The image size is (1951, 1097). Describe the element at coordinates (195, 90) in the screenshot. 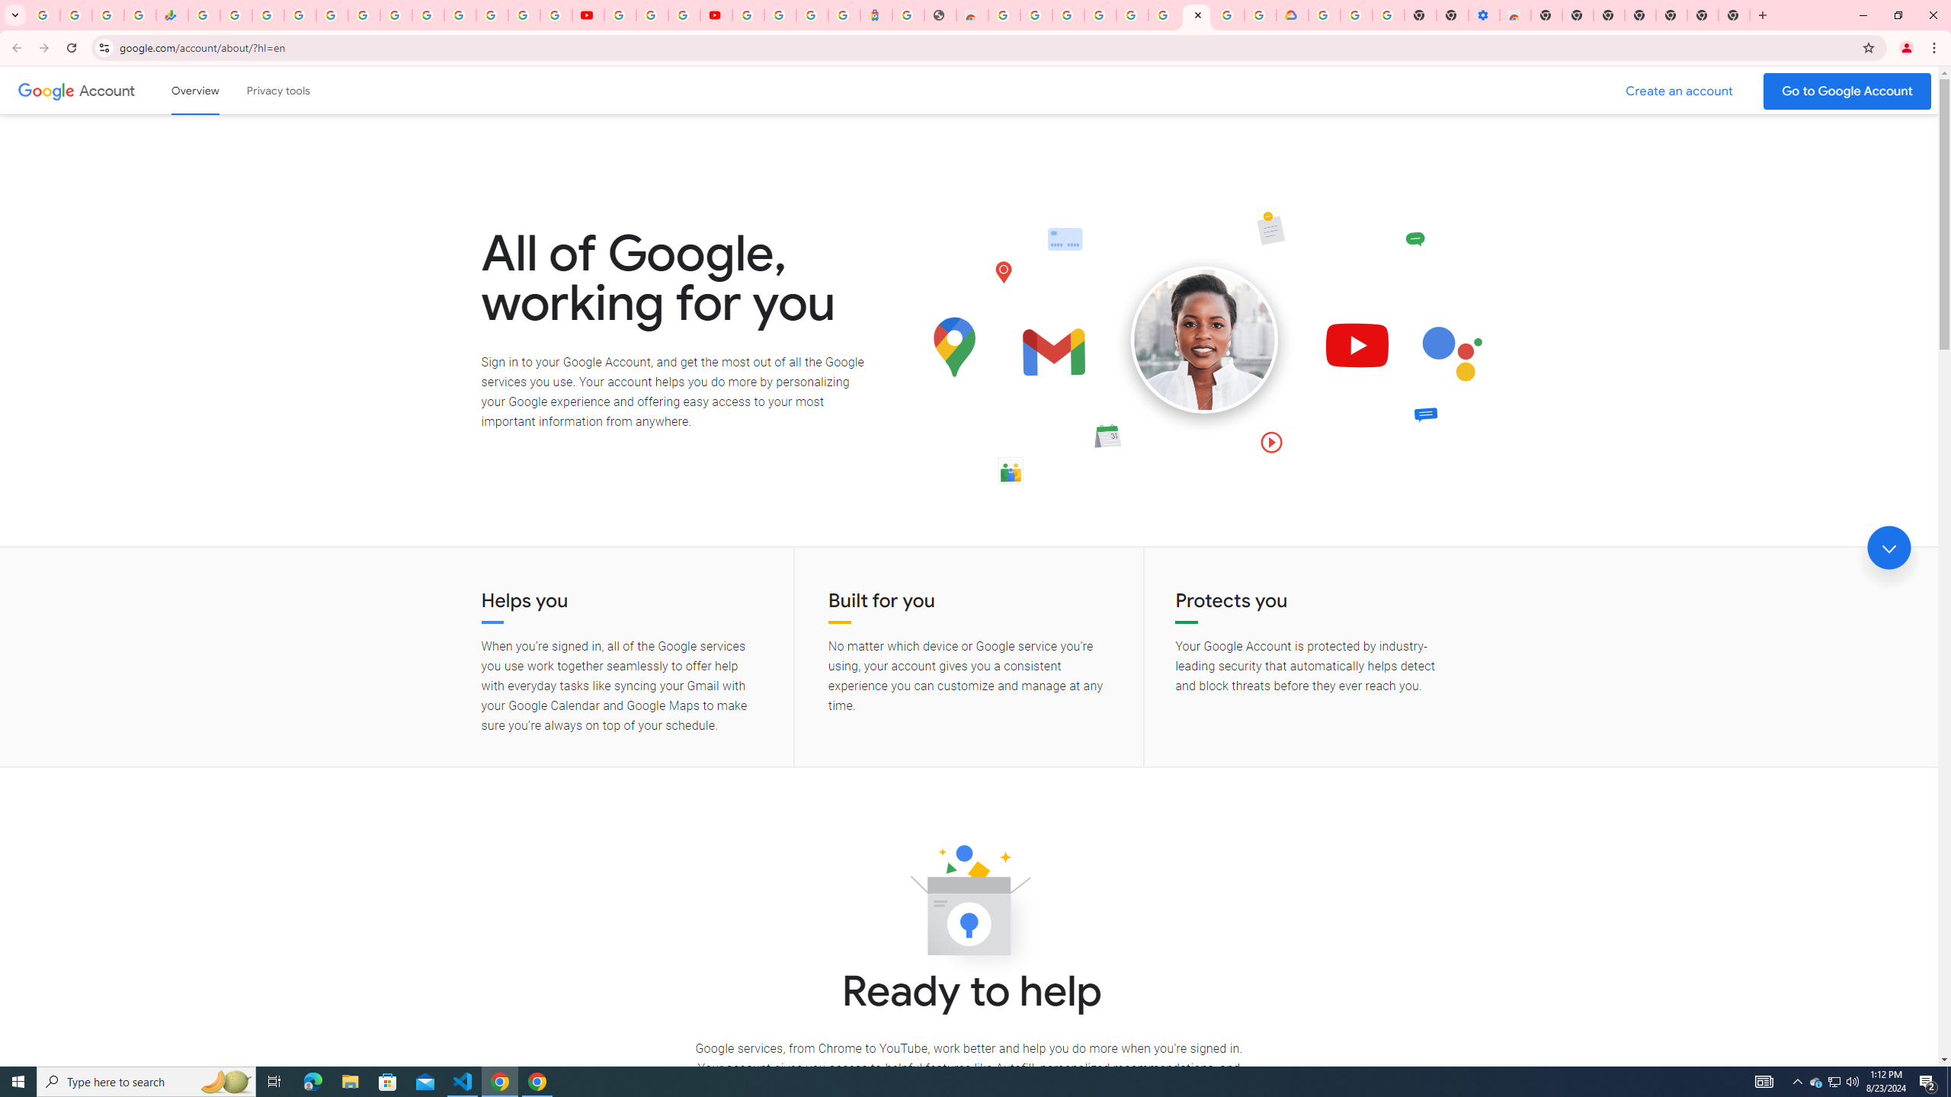

I see `'Google Account overview'` at that location.